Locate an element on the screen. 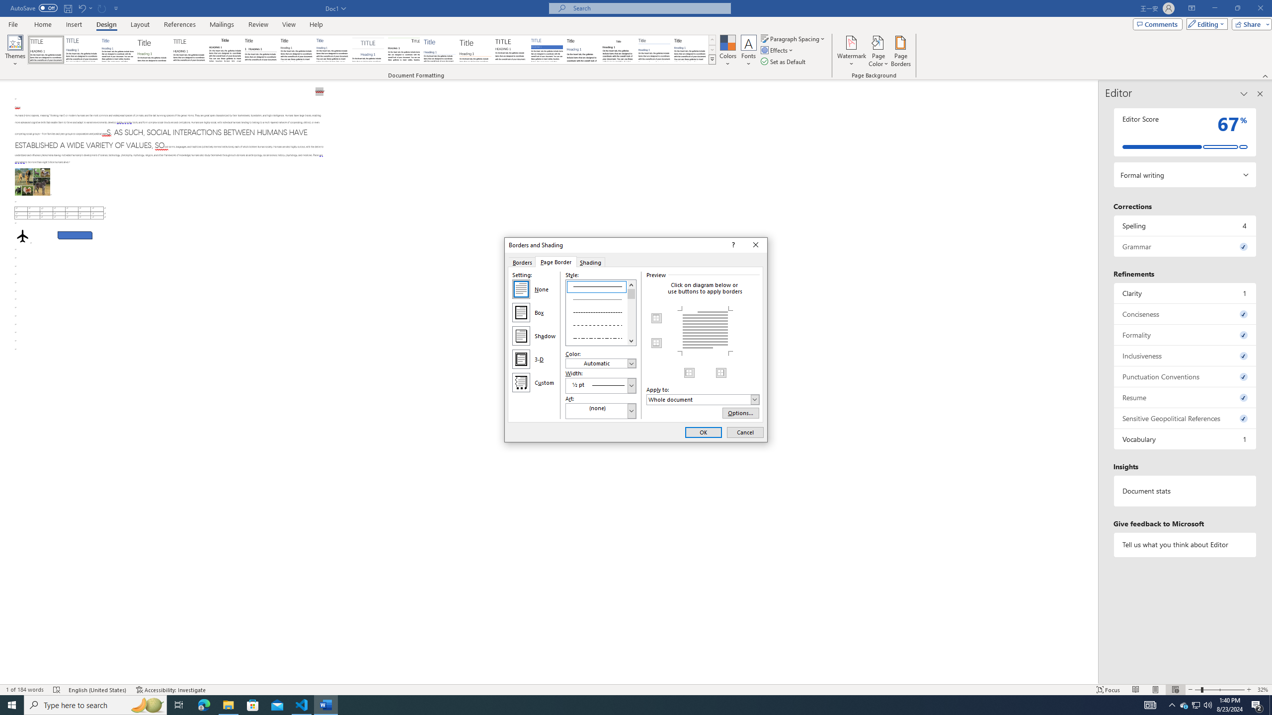 This screenshot has width=1272, height=715. 'Paragraph Spacing' is located at coordinates (794, 38).